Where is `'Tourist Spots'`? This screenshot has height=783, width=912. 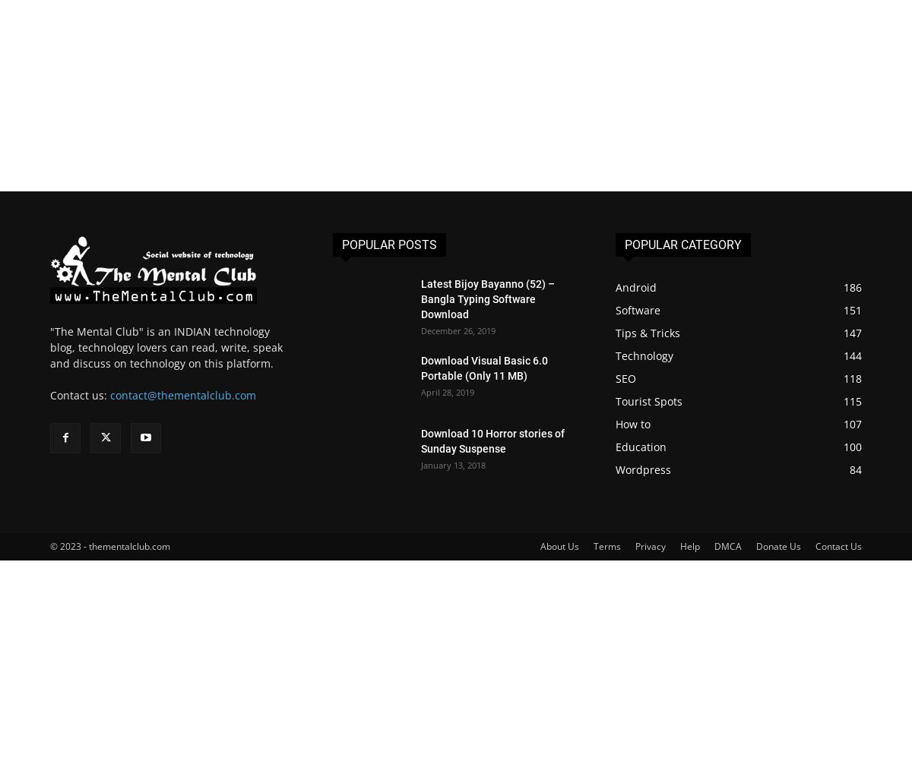
'Tourist Spots' is located at coordinates (648, 399).